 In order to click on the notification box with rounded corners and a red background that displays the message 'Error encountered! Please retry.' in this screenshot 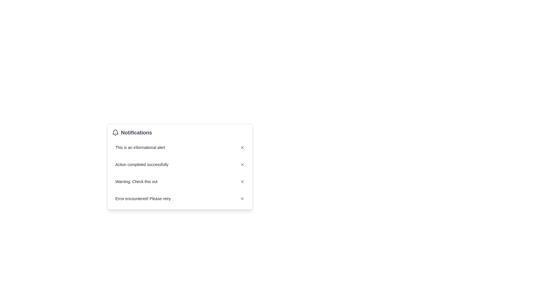, I will do `click(179, 198)`.